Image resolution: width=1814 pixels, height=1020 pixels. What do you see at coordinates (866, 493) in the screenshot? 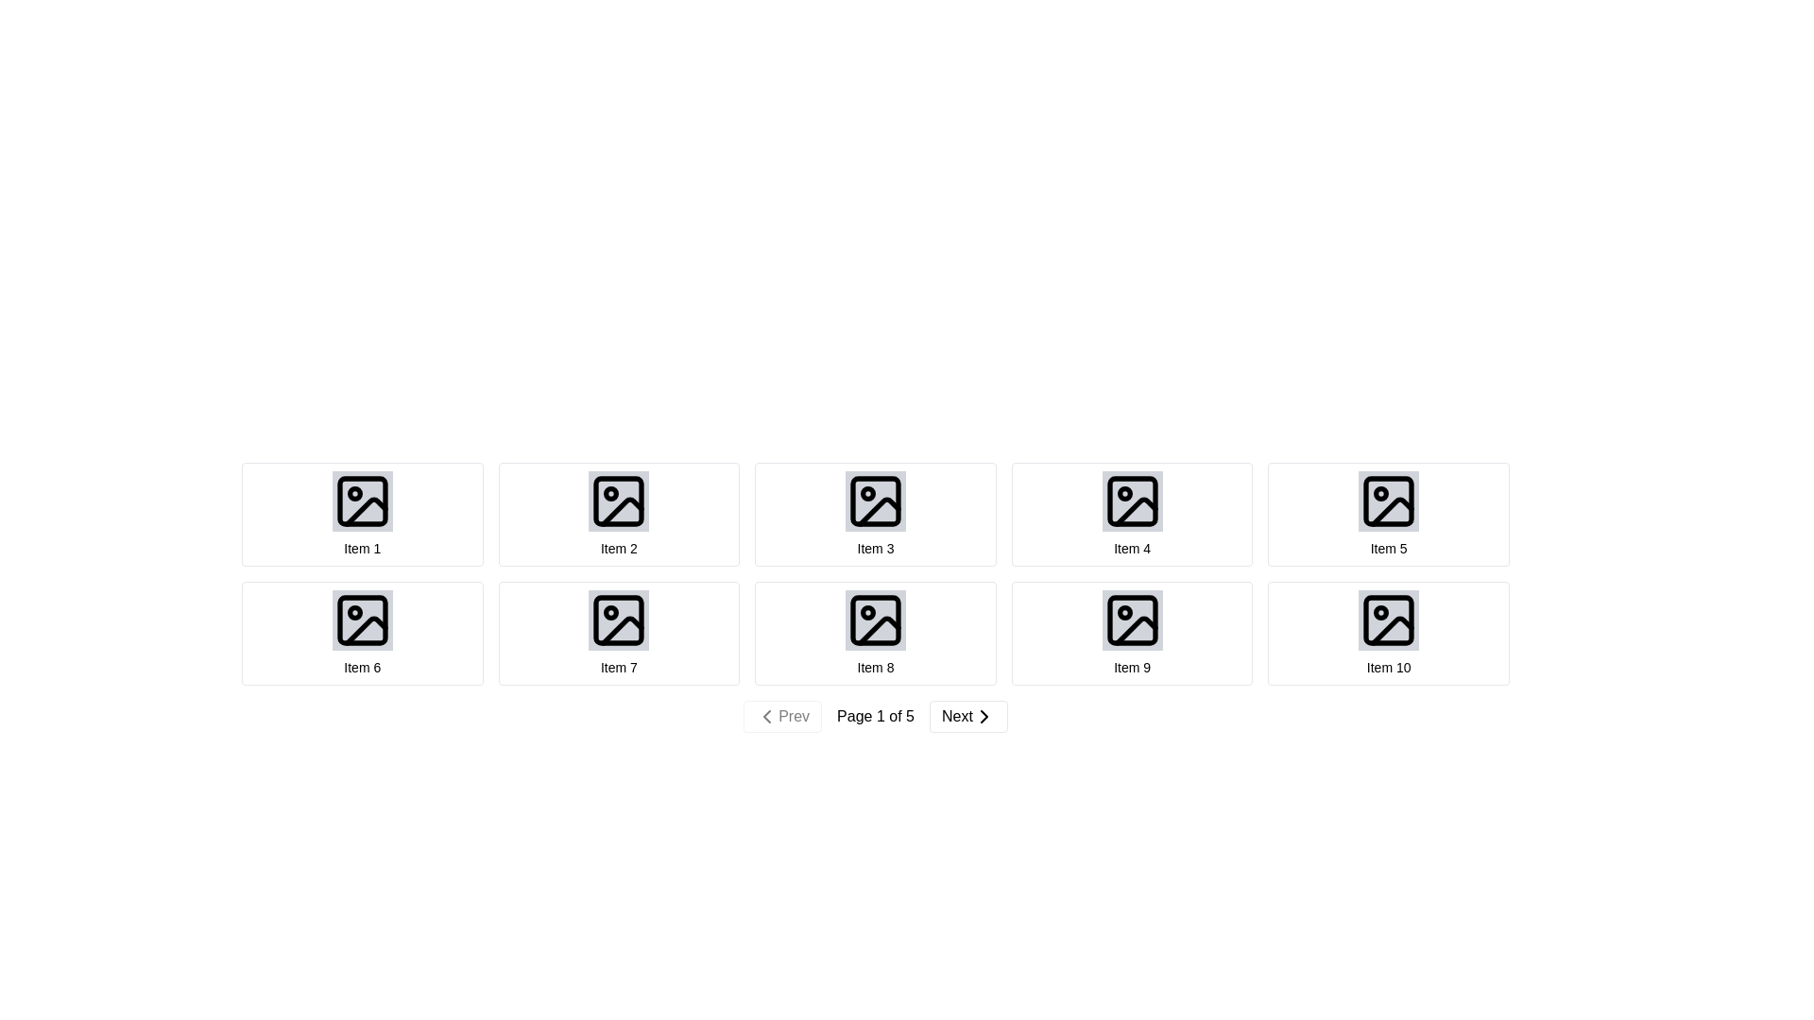
I see `the small circular dot located inside the image icon representing 'Item 3' in the first row and third column of the grid` at bounding box center [866, 493].